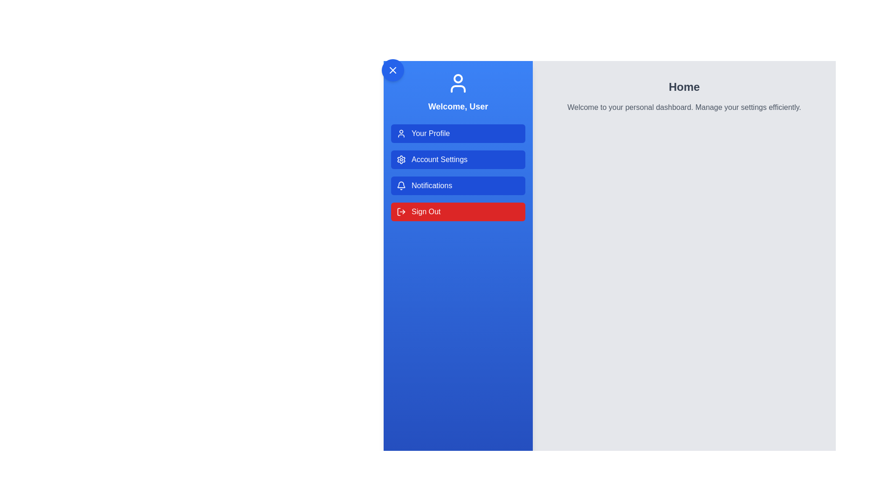  What do you see at coordinates (458, 159) in the screenshot?
I see `the menu option Account Settings from the UserProfileDrawer` at bounding box center [458, 159].